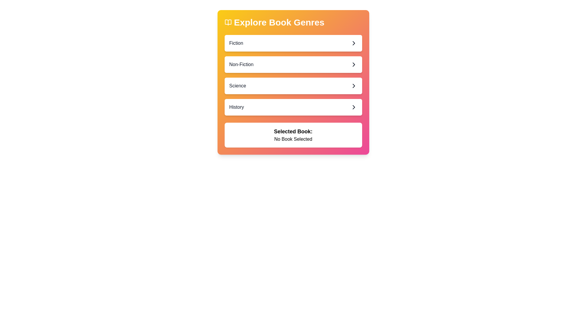 The width and height of the screenshot is (569, 320). I want to click on the 'Science' genre label located in the 'Explore Book Genres' section, which is the third item in the vertical list between 'Non-Fiction' and 'History', so click(237, 86).